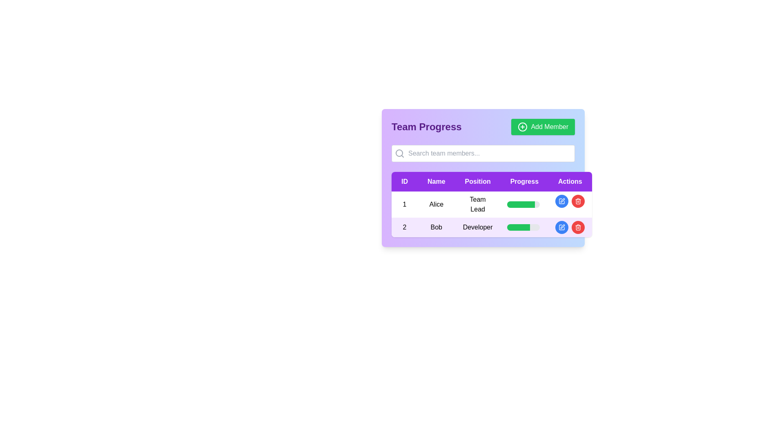 This screenshot has width=784, height=441. What do you see at coordinates (436, 181) in the screenshot?
I see `the second header cell of the table, which contains the names of individuals or items` at bounding box center [436, 181].